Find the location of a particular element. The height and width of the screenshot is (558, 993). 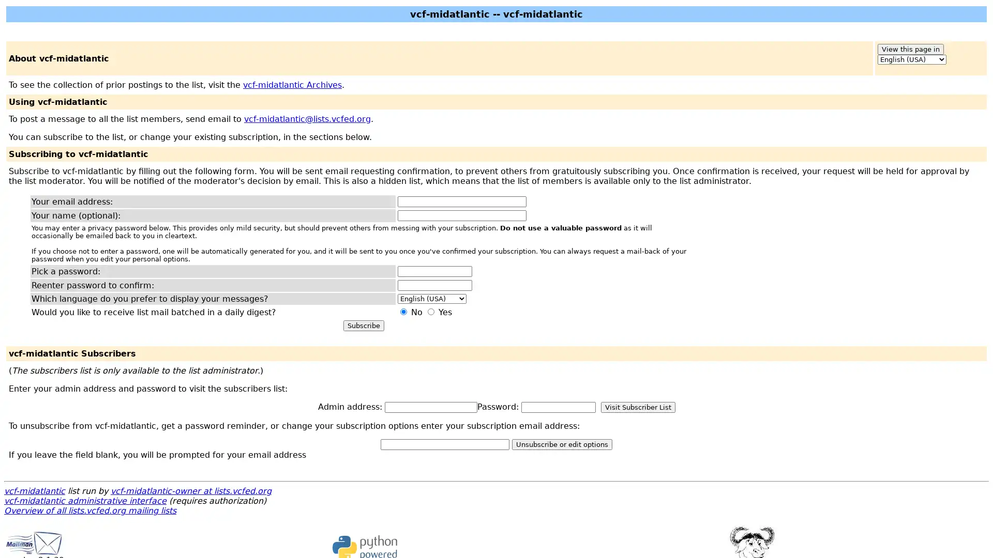

Unsubscribe or edit options is located at coordinates (561, 444).